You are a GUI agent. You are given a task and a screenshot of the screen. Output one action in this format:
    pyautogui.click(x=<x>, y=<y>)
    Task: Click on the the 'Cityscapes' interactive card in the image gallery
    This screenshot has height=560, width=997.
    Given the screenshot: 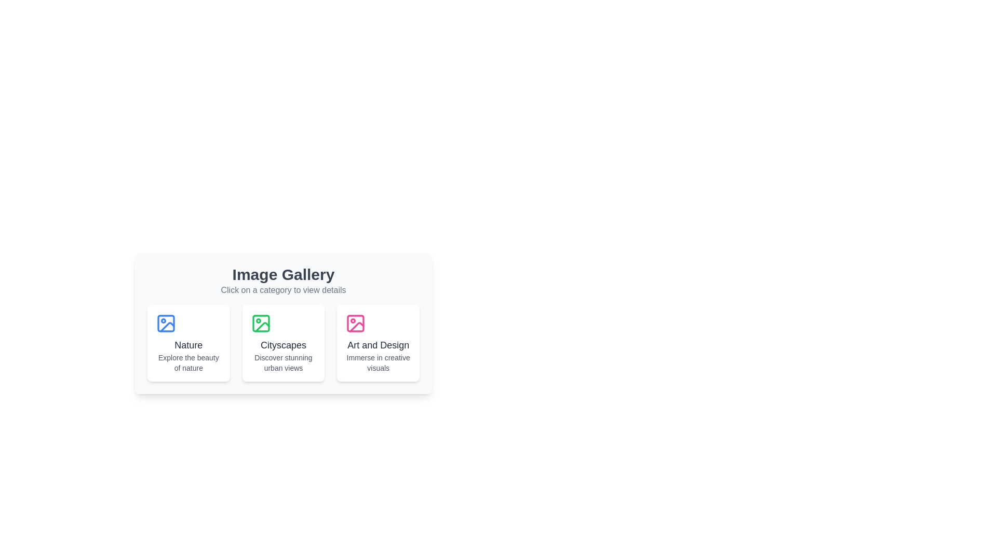 What is the action you would take?
    pyautogui.click(x=284, y=323)
    